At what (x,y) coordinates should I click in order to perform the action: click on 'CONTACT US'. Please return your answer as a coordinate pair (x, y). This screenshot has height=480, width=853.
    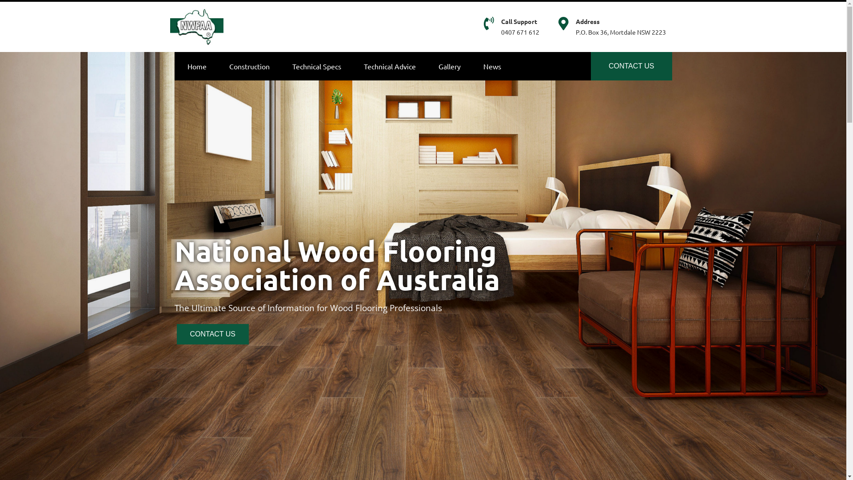
    Looking at the image, I should click on (631, 65).